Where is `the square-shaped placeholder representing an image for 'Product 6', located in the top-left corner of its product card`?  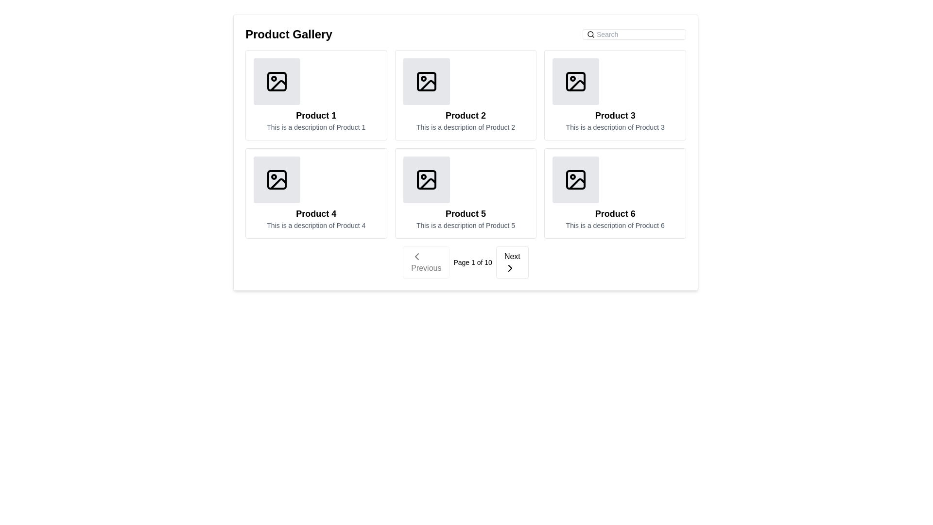 the square-shaped placeholder representing an image for 'Product 6', located in the top-left corner of its product card is located at coordinates (576, 180).